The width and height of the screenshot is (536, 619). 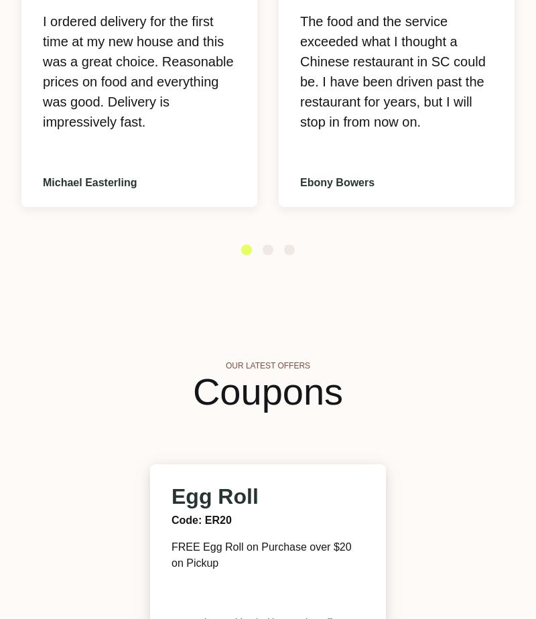 What do you see at coordinates (267, 365) in the screenshot?
I see `'Our Latest Offers'` at bounding box center [267, 365].